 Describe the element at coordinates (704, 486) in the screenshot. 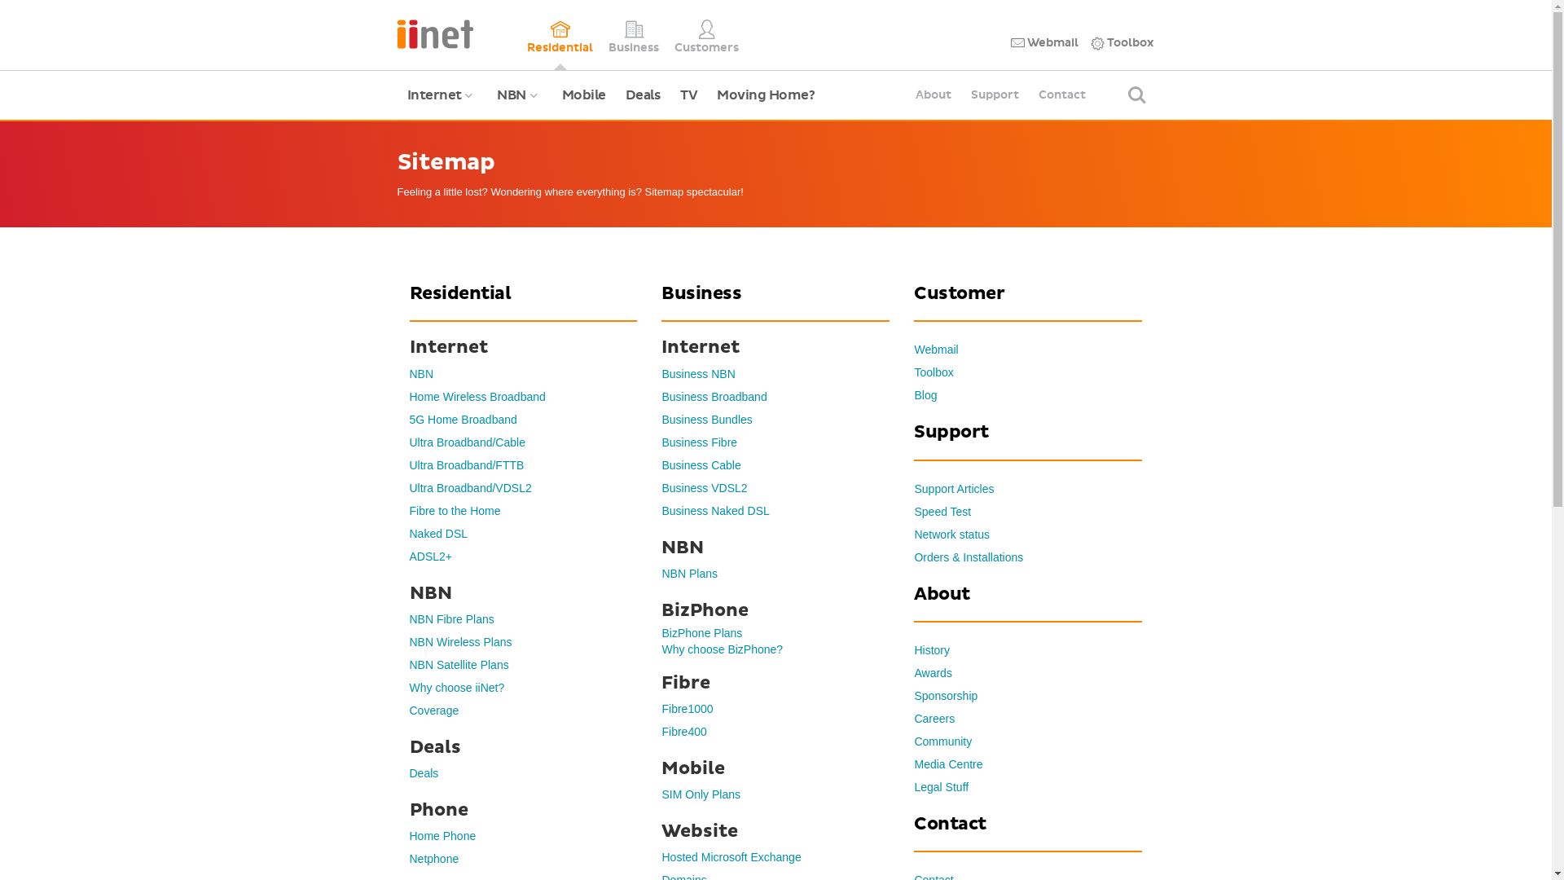

I see `'Business VDSL2'` at that location.